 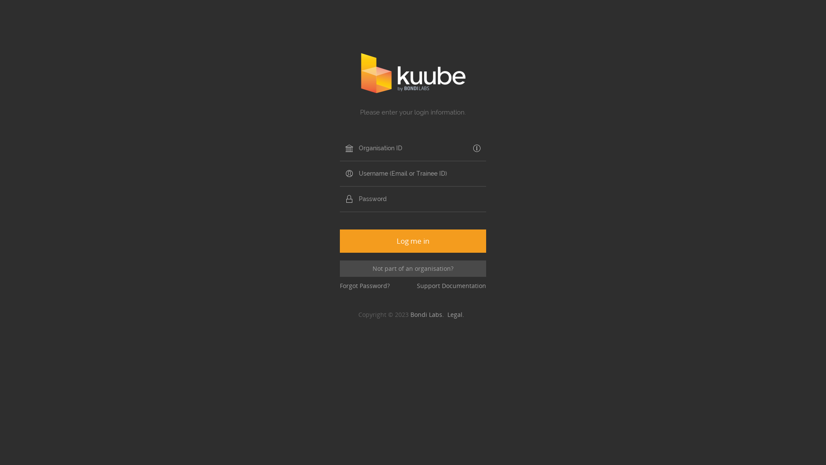 What do you see at coordinates (413, 241) in the screenshot?
I see `'Log me in'` at bounding box center [413, 241].